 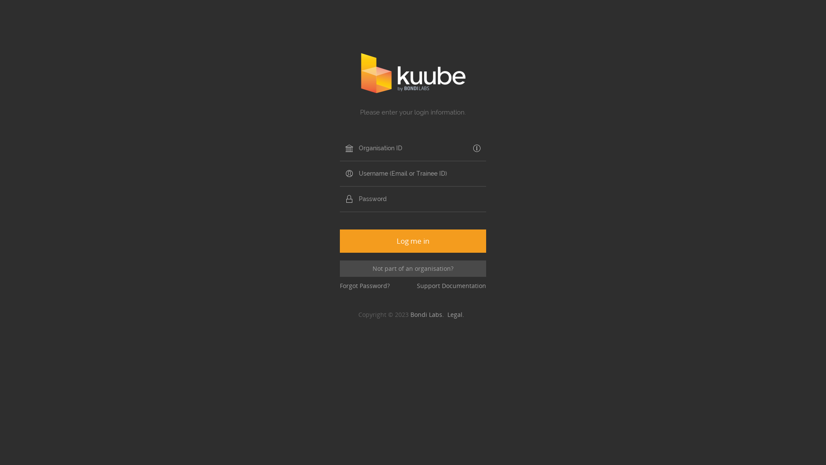 What do you see at coordinates (413, 241) in the screenshot?
I see `'Log me in'` at bounding box center [413, 241].